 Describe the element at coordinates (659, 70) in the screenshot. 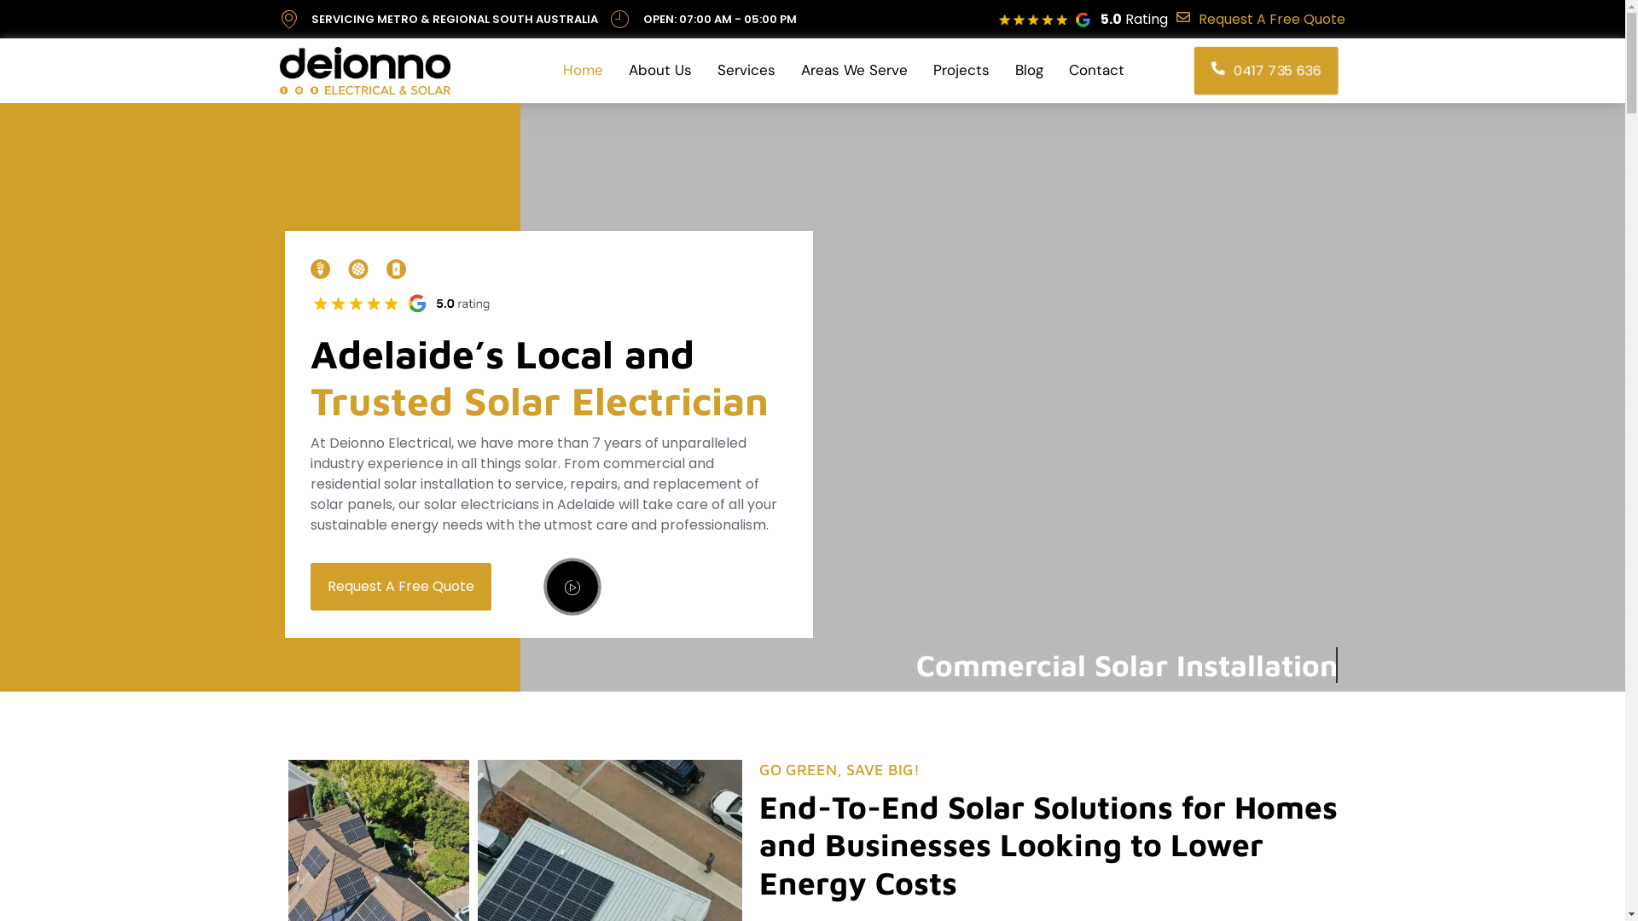

I see `'About Us'` at that location.